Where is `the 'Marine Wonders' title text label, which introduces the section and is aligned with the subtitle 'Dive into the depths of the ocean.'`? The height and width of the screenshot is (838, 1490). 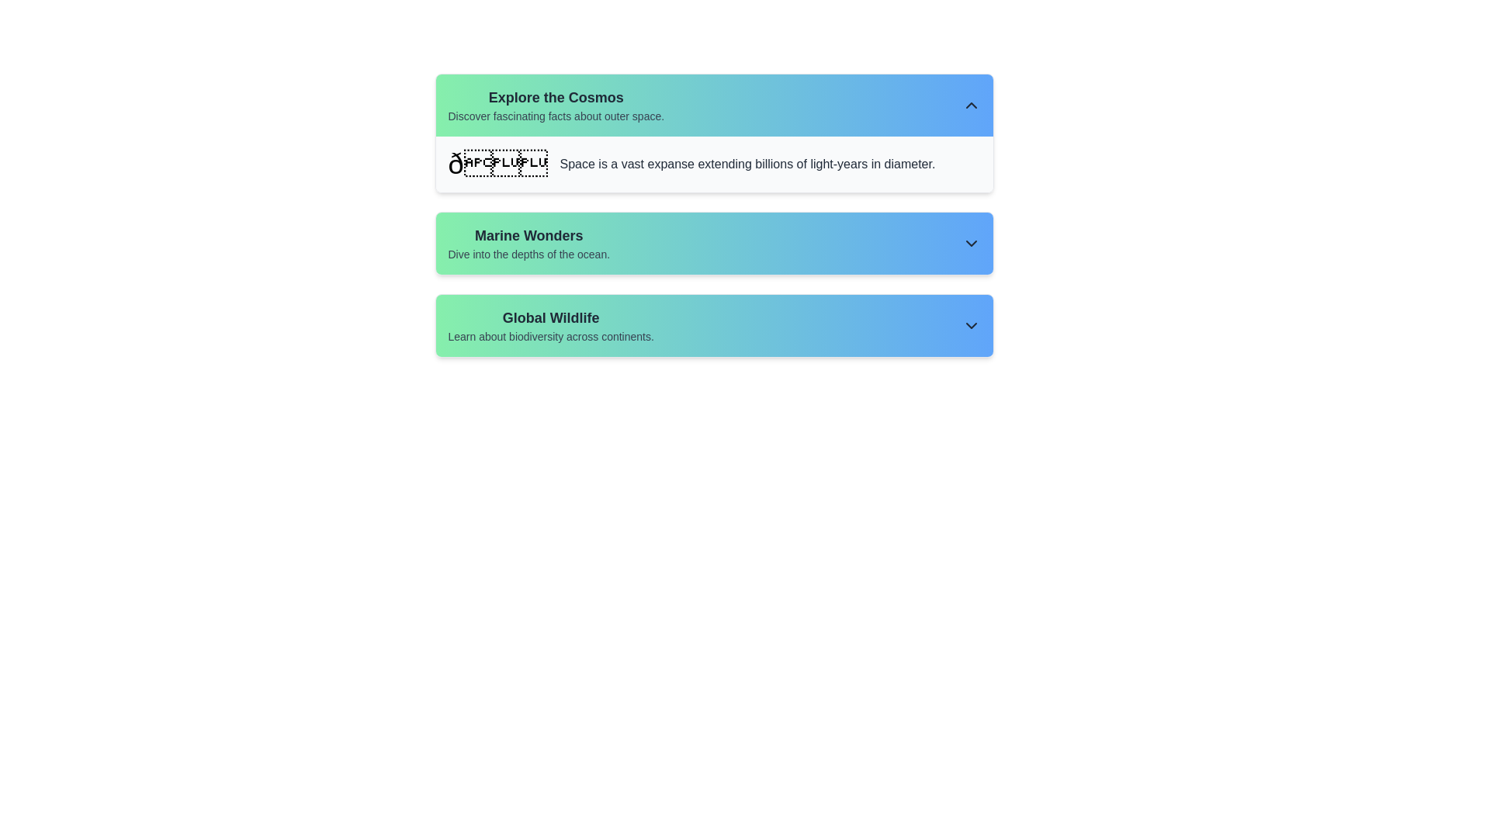
the 'Marine Wonders' title text label, which introduces the section and is aligned with the subtitle 'Dive into the depths of the ocean.' is located at coordinates (528, 236).